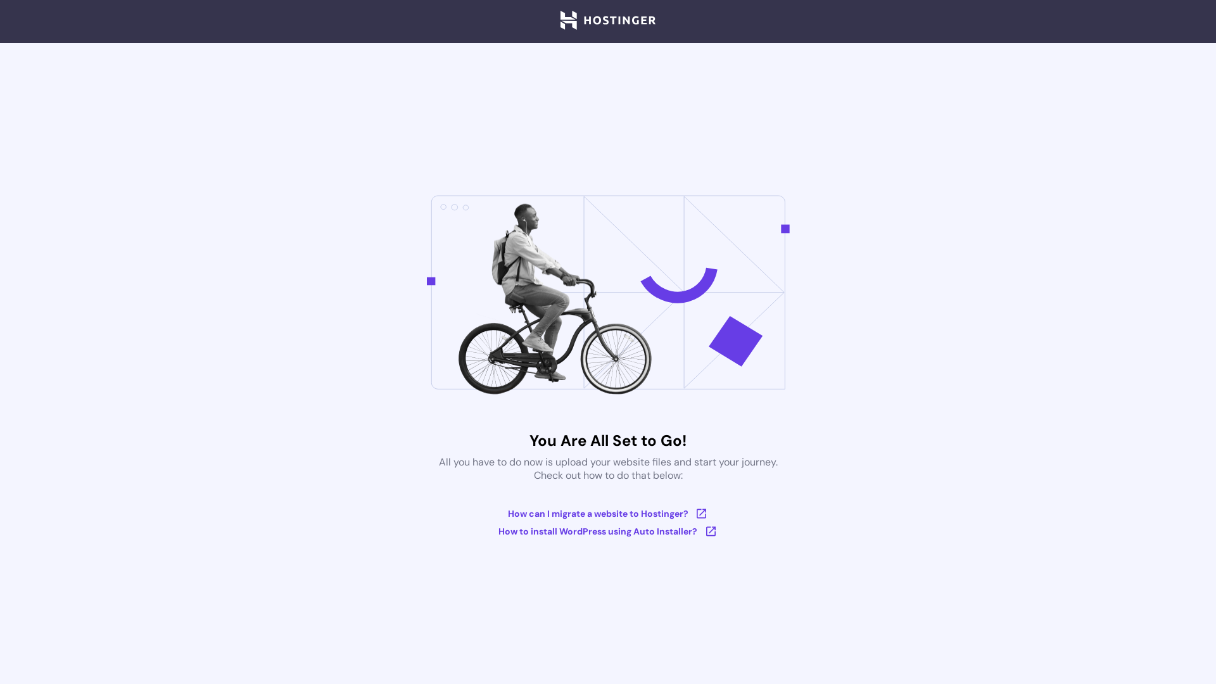  I want to click on 'How can I migrate a website to Hostinger?', so click(608, 513).